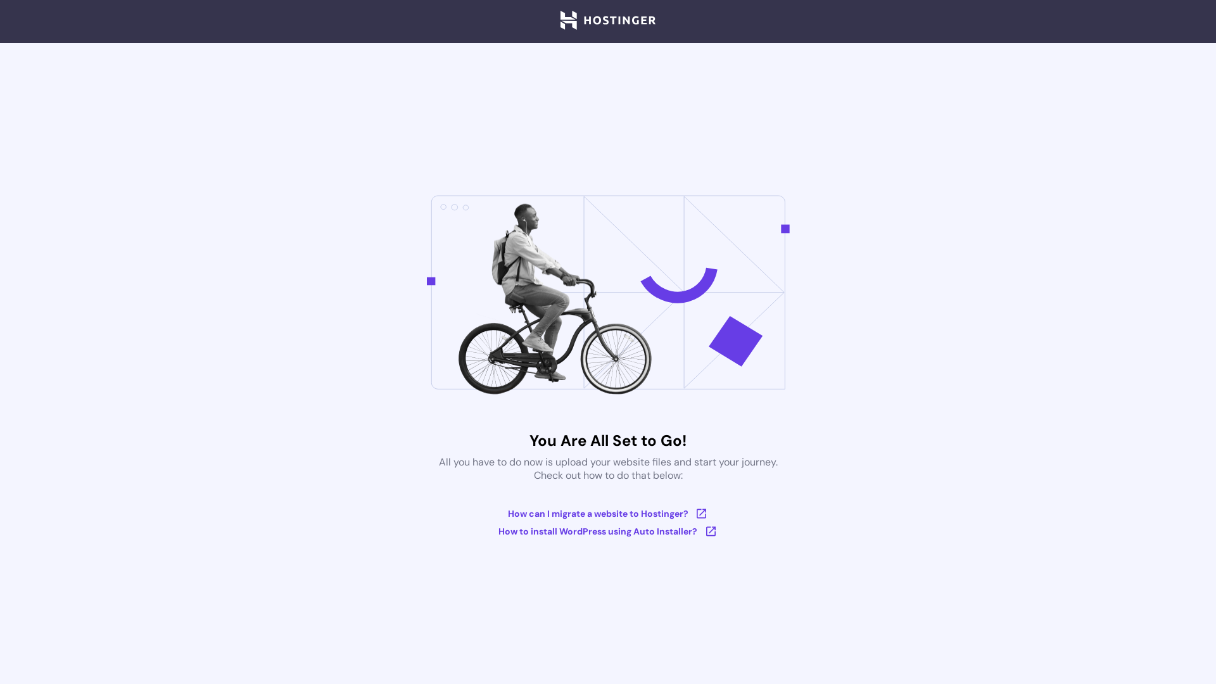  I want to click on 'How can I migrate a website to Hostinger?', so click(608, 513).